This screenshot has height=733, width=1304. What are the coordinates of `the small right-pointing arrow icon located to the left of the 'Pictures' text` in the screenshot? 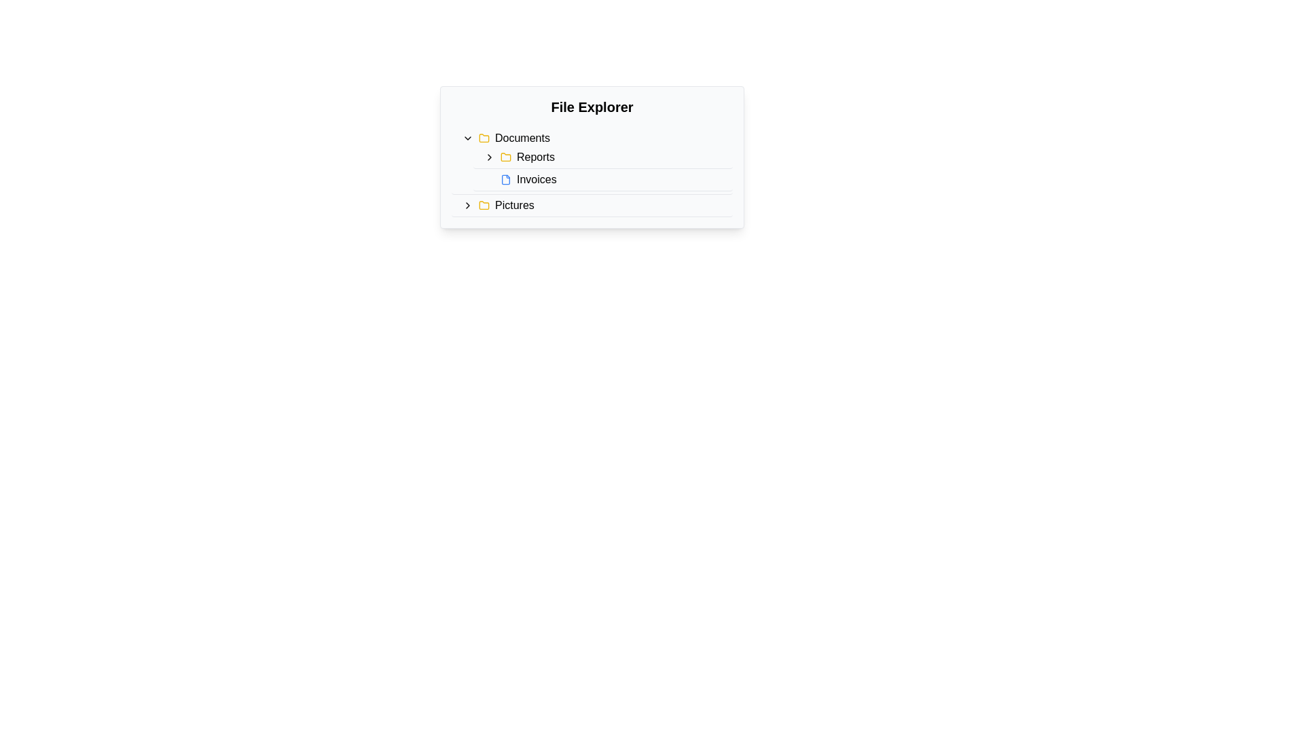 It's located at (468, 206).